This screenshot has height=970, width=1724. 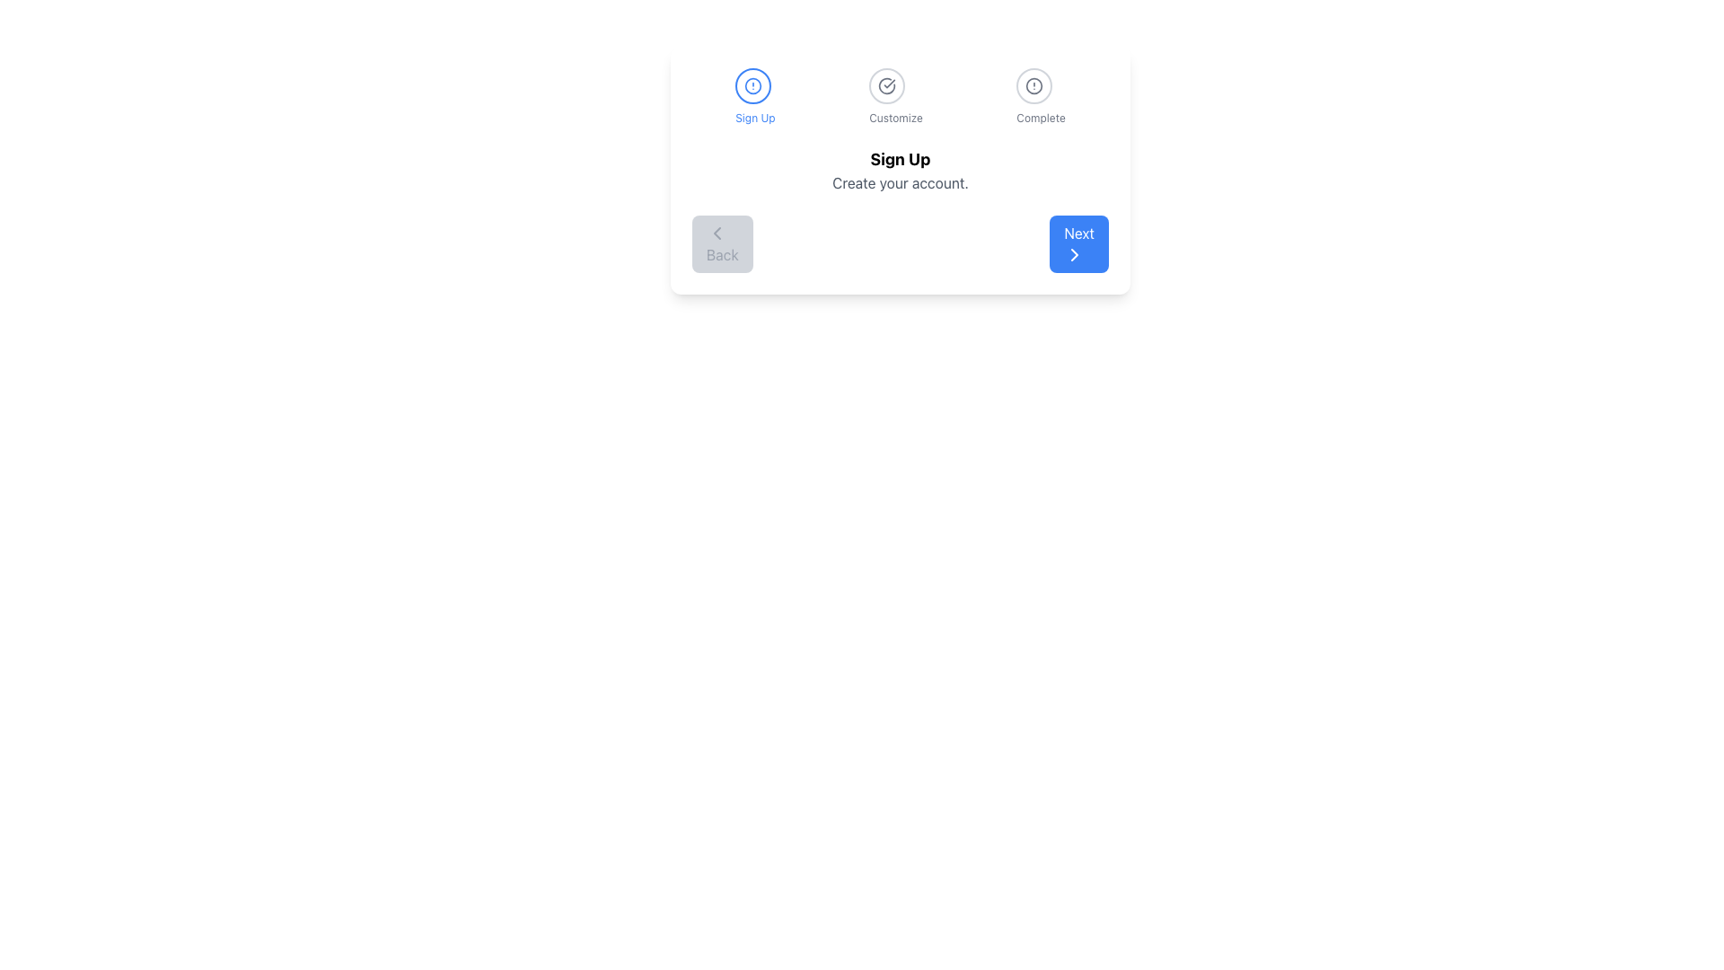 What do you see at coordinates (901, 158) in the screenshot?
I see `header text element indicating the current operation stage ('Sign Up') located at the top-middle portion of the interface` at bounding box center [901, 158].